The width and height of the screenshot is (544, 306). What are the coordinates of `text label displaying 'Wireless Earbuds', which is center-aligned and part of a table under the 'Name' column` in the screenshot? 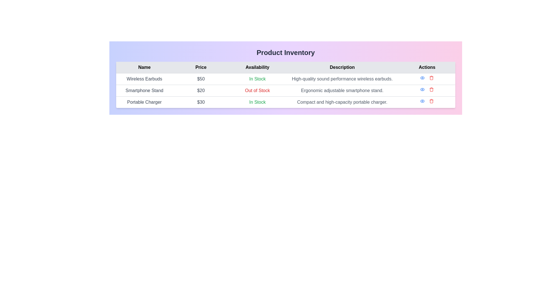 It's located at (144, 79).